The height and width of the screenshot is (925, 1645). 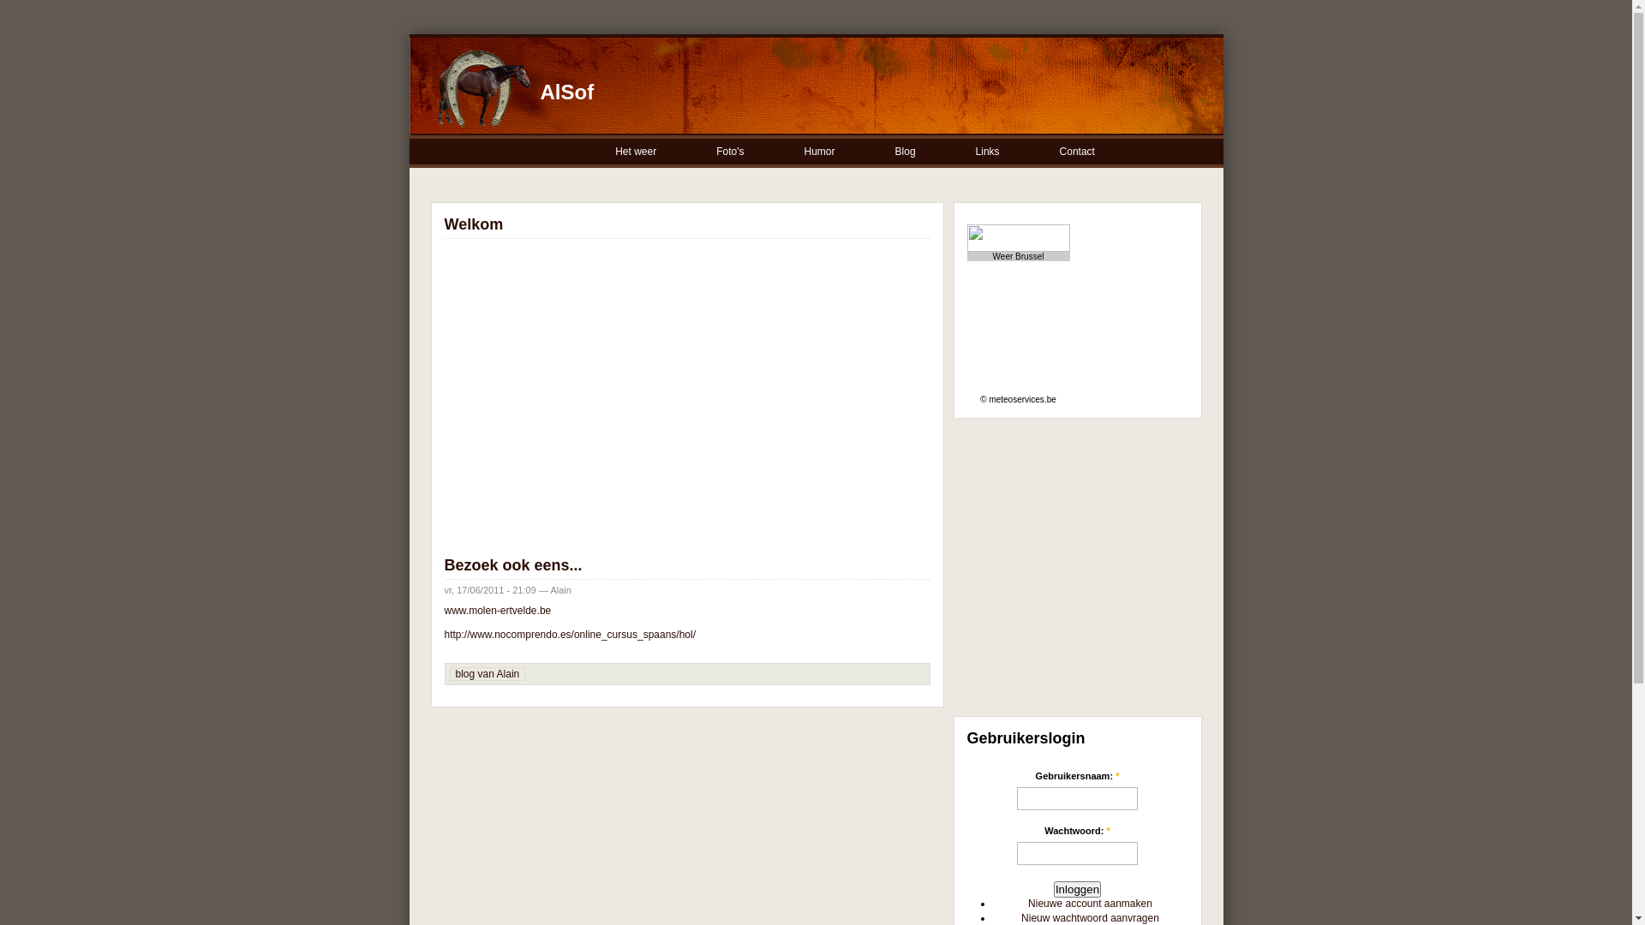 I want to click on 'Nieuw wachtwoord aanvragen', so click(x=1020, y=917).